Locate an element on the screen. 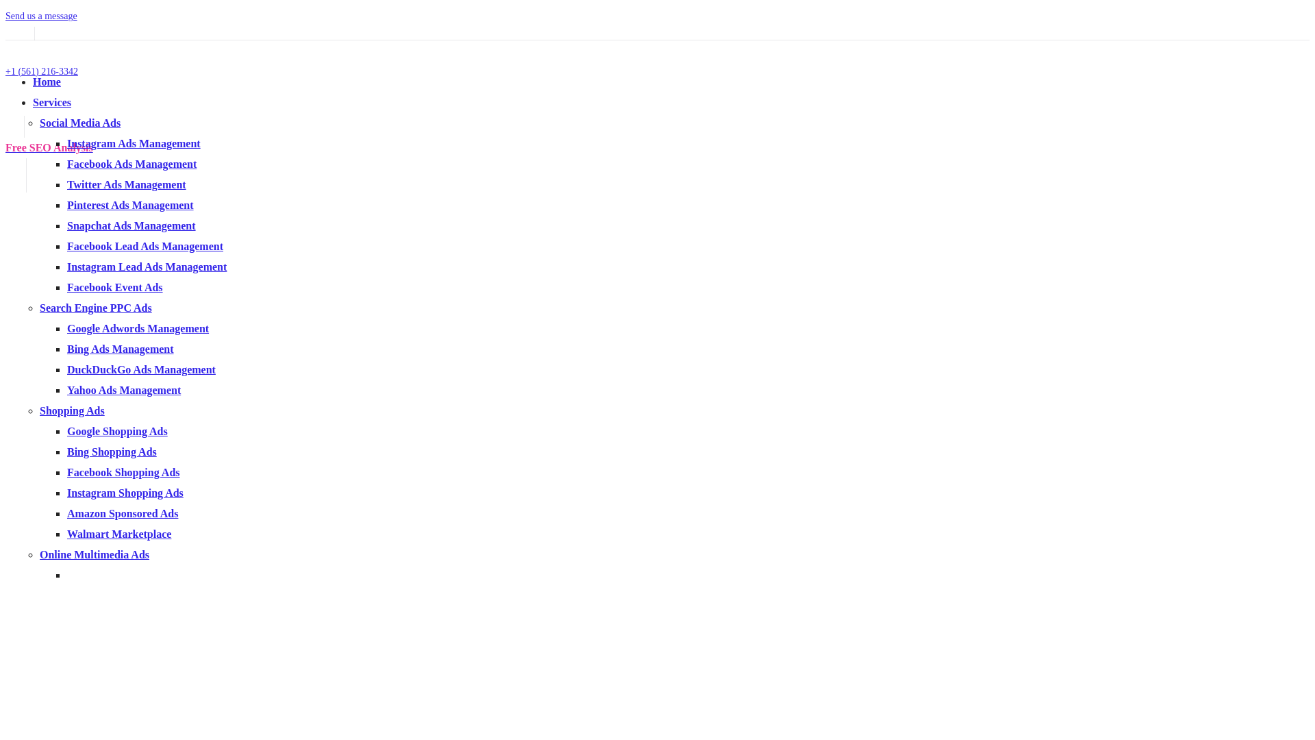 Image resolution: width=1315 pixels, height=740 pixels. 'Services' is located at coordinates (52, 101).